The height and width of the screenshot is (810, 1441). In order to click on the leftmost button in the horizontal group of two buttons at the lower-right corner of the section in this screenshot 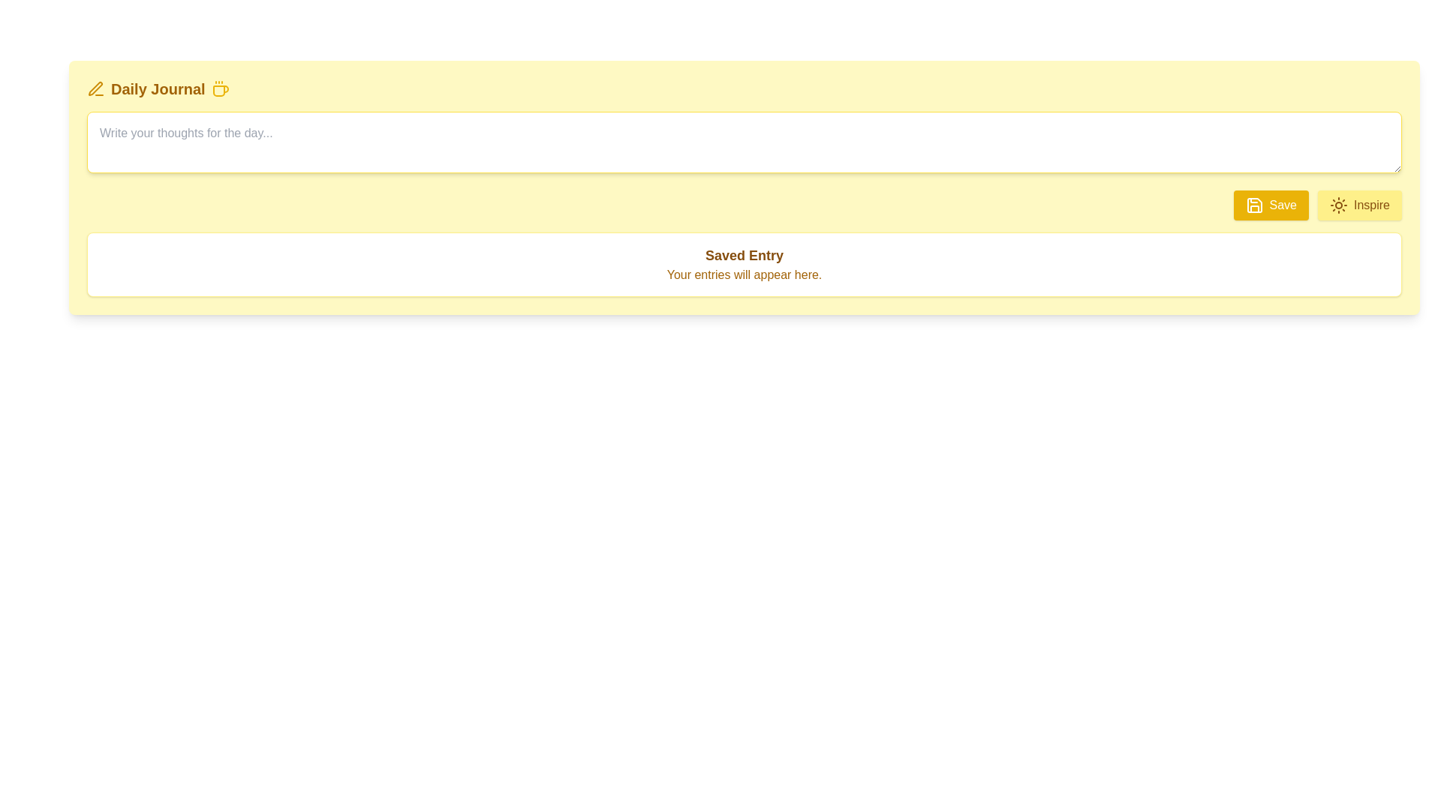, I will do `click(1270, 205)`.